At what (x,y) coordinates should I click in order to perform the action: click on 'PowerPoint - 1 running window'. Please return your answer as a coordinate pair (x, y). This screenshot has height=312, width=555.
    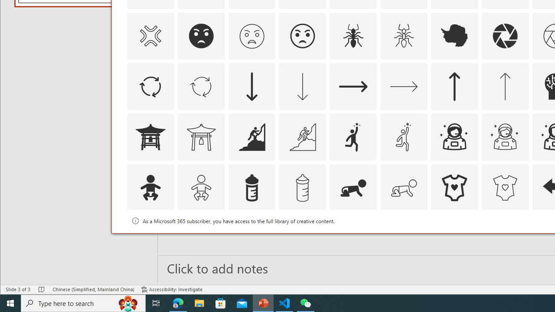
    Looking at the image, I should click on (263, 302).